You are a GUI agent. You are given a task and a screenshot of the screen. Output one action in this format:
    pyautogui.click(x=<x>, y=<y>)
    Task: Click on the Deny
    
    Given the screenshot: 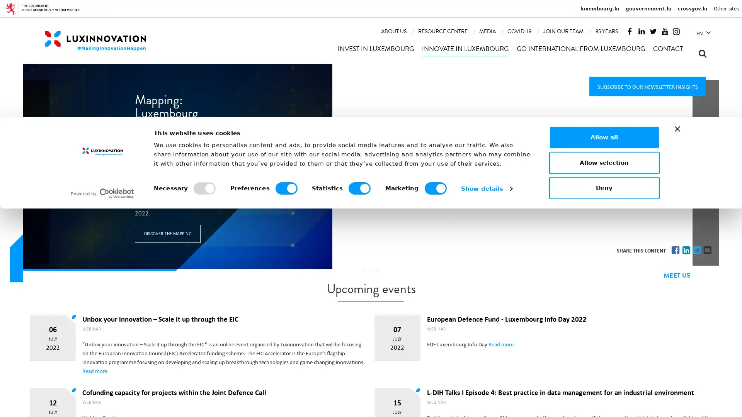 What is the action you would take?
    pyautogui.click(x=604, y=396)
    